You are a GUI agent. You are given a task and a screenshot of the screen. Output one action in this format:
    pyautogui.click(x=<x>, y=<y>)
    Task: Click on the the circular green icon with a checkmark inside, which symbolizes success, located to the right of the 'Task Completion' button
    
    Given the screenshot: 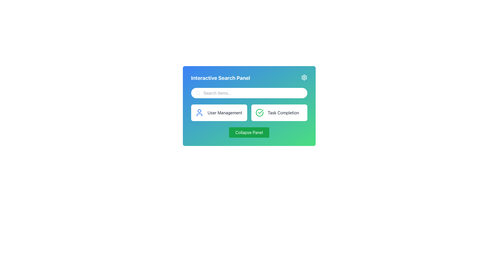 What is the action you would take?
    pyautogui.click(x=259, y=113)
    